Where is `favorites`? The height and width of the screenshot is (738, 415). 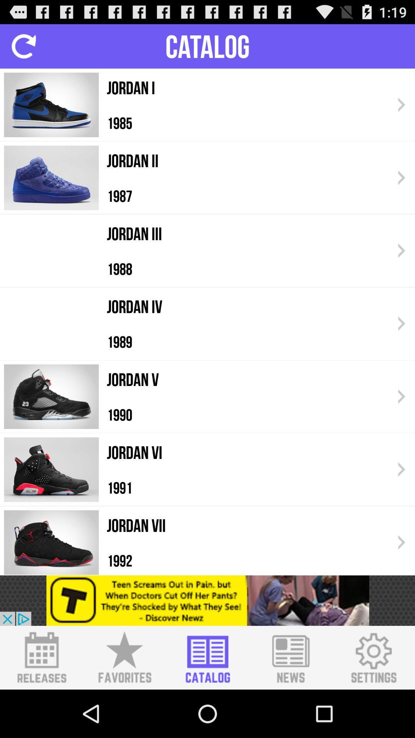 favorites is located at coordinates (124, 657).